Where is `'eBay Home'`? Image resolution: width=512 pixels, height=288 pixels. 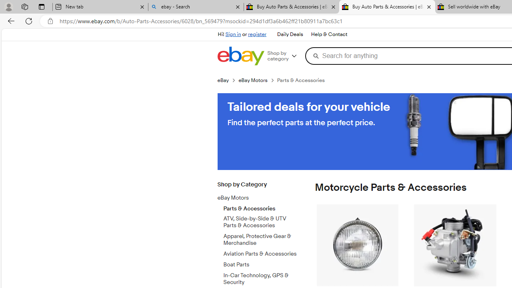
'eBay Home' is located at coordinates (240, 56).